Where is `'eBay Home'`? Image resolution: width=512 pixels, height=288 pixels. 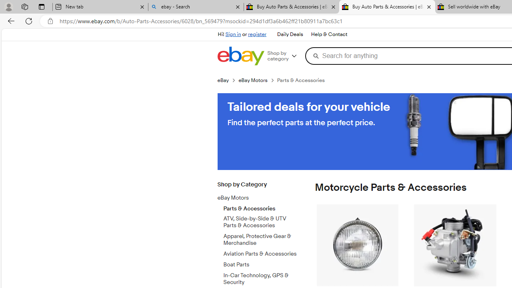
'eBay Home' is located at coordinates (240, 56).